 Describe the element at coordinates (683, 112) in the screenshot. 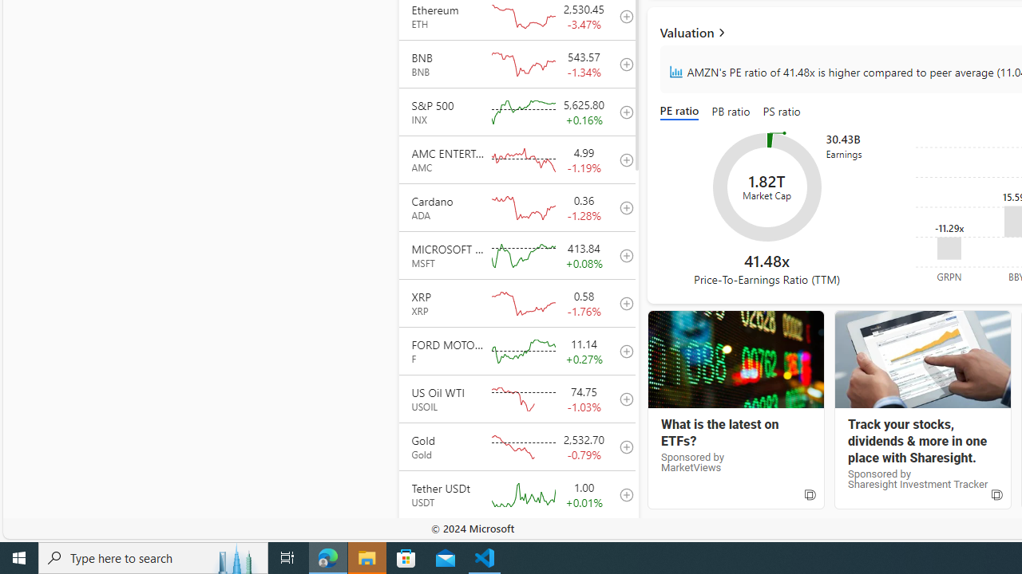

I see `'PE ratio'` at that location.